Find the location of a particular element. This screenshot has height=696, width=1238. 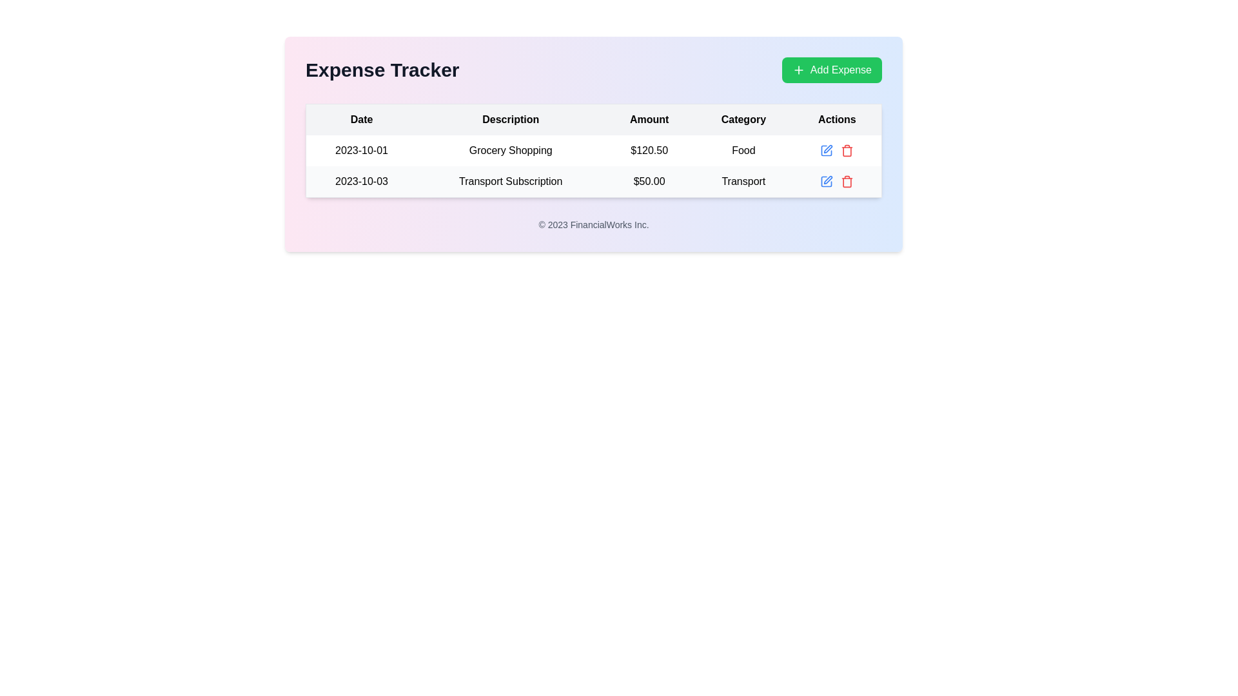

the text label displaying the monetary amount for 'Transport Subscription' in the second row of the table is located at coordinates (649, 182).